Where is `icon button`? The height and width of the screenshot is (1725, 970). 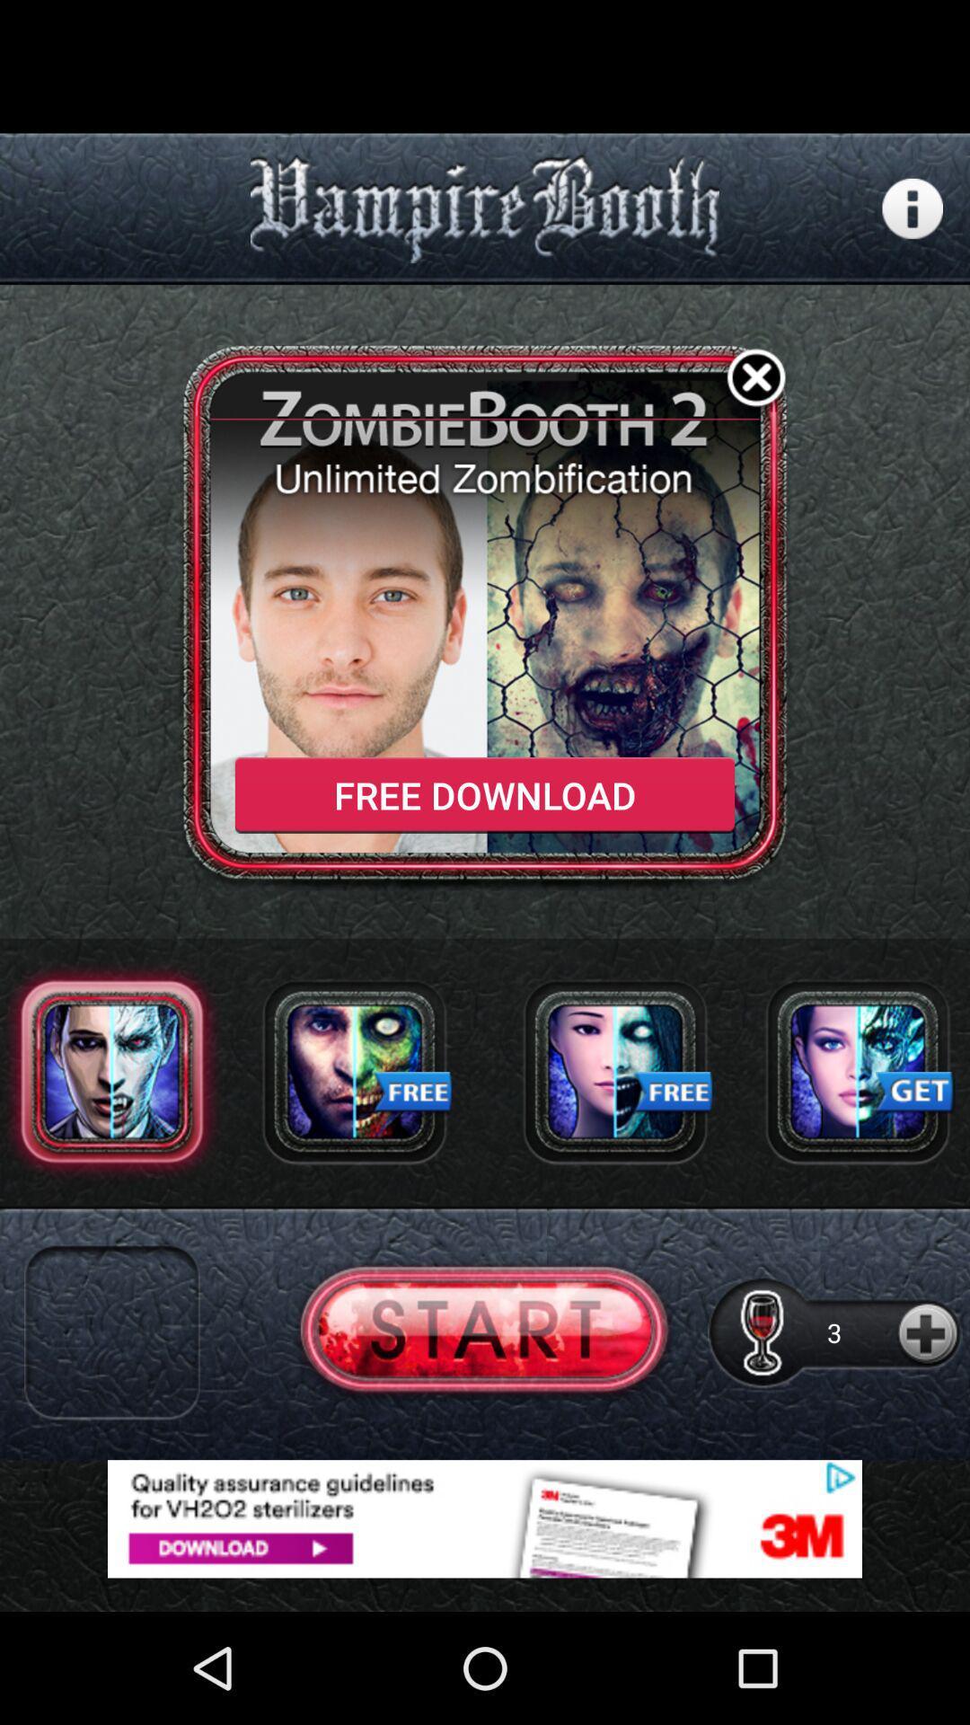 icon button is located at coordinates (913, 208).